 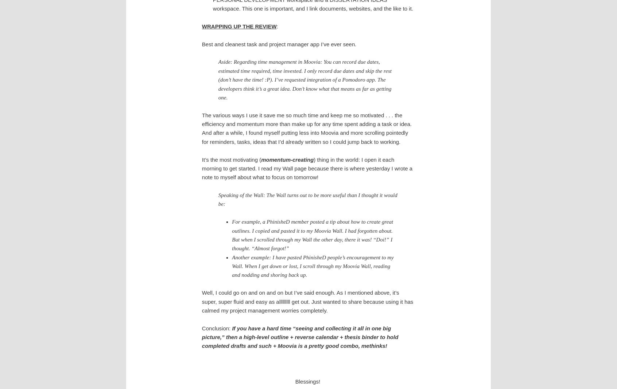 I want to click on 'The various ways I use it save me so much time and keep me so motivated . . . the efficiency and momentum more than make up for any time spent adding a task or idea. And after a while, I found myself putting less into Moovia and more scrolling pointedly for reminders, tasks, ideas that I’d already written so I could jump back to working.', so click(x=306, y=128).